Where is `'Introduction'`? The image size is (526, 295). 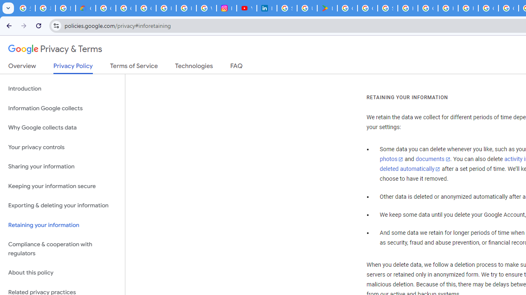
'Introduction' is located at coordinates (62, 89).